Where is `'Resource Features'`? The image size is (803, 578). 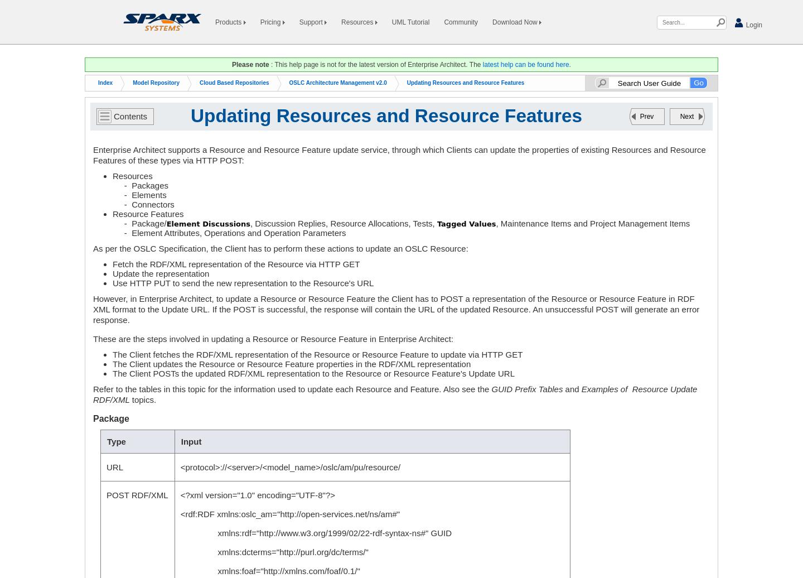 'Resource Features' is located at coordinates (147, 214).